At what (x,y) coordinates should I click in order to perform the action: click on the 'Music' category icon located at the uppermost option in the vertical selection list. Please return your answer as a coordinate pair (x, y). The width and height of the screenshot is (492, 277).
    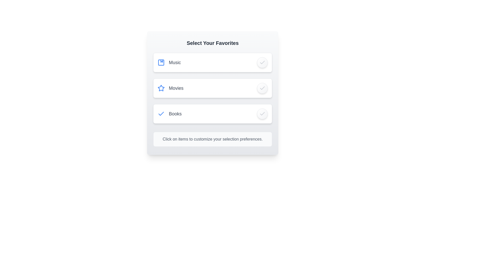
    Looking at the image, I should click on (169, 62).